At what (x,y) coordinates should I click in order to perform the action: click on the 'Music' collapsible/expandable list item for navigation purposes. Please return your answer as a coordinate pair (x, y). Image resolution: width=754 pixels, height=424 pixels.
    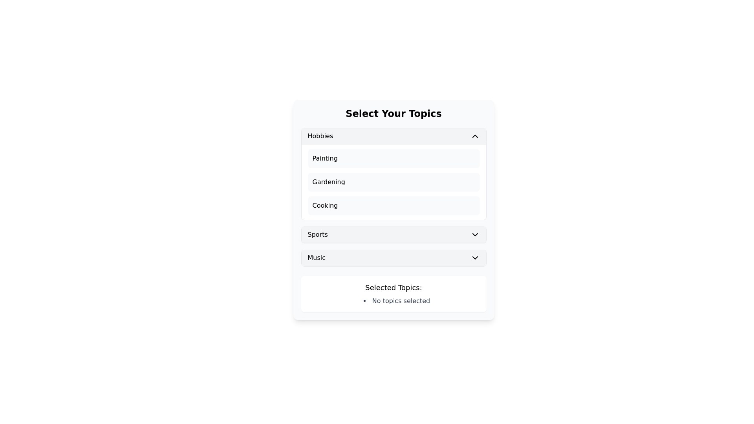
    Looking at the image, I should click on (393, 258).